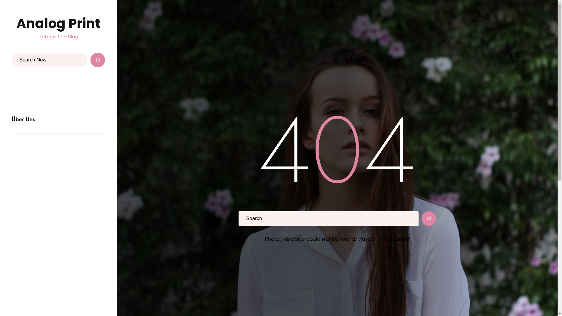  What do you see at coordinates (58, 24) in the screenshot?
I see `'Analog Print'` at bounding box center [58, 24].